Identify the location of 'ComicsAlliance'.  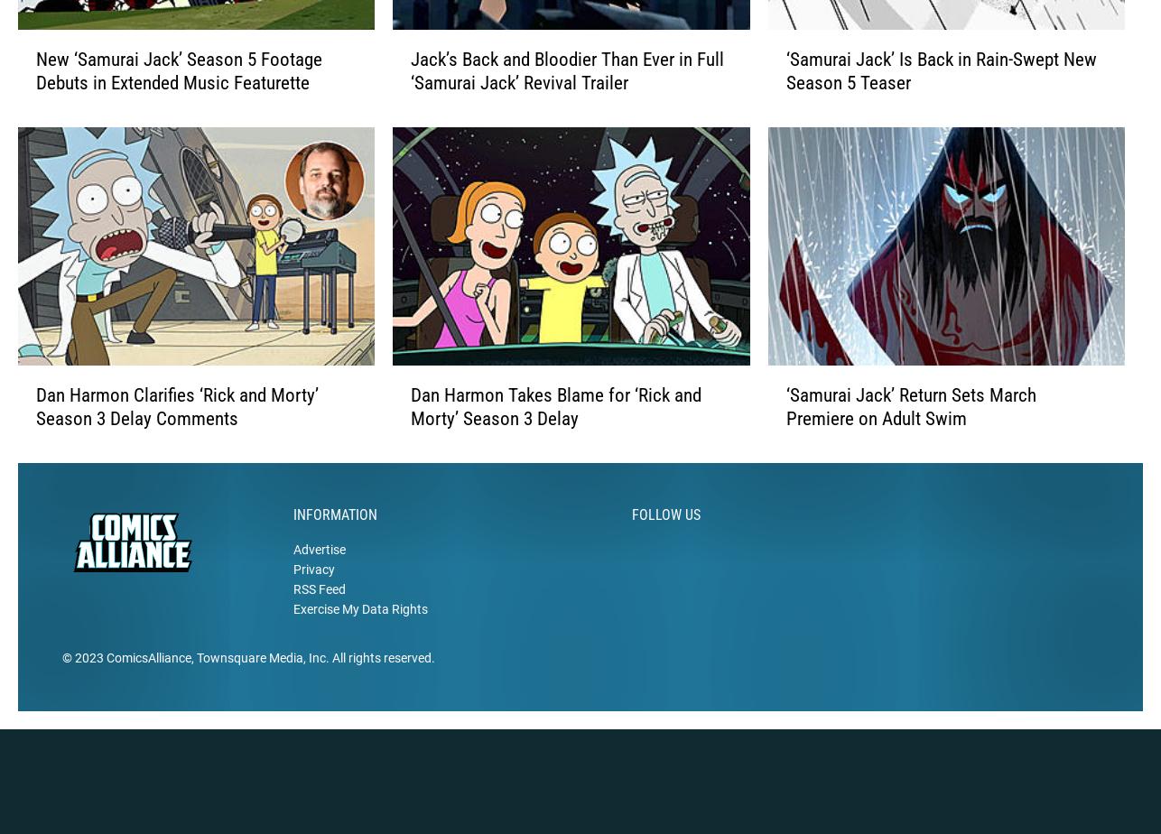
(148, 687).